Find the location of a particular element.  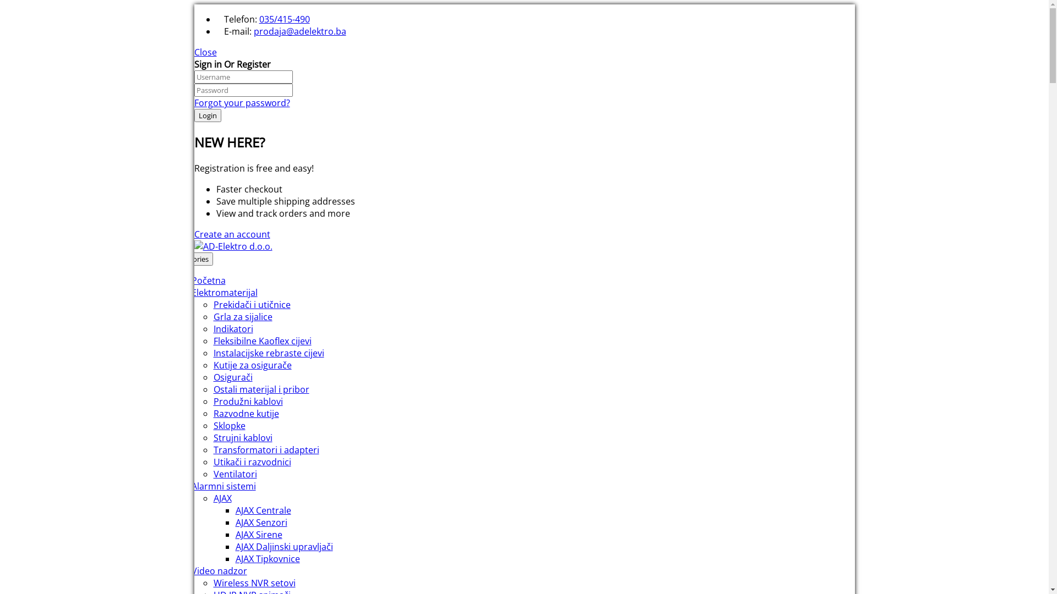

'AJAX Sirene' is located at coordinates (258, 534).